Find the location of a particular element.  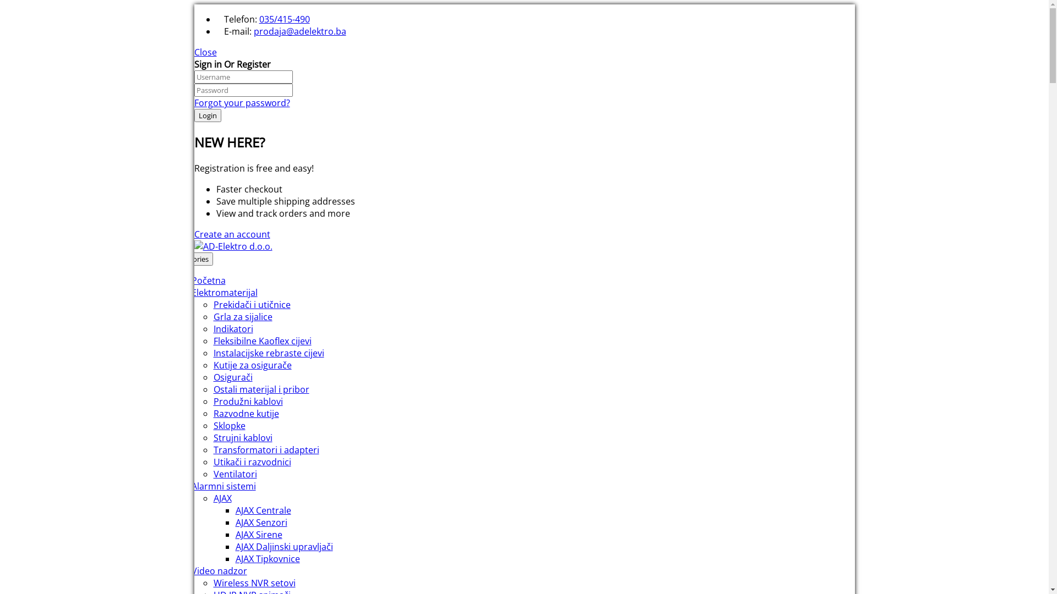

'AJAX Sirene' is located at coordinates (258, 534).